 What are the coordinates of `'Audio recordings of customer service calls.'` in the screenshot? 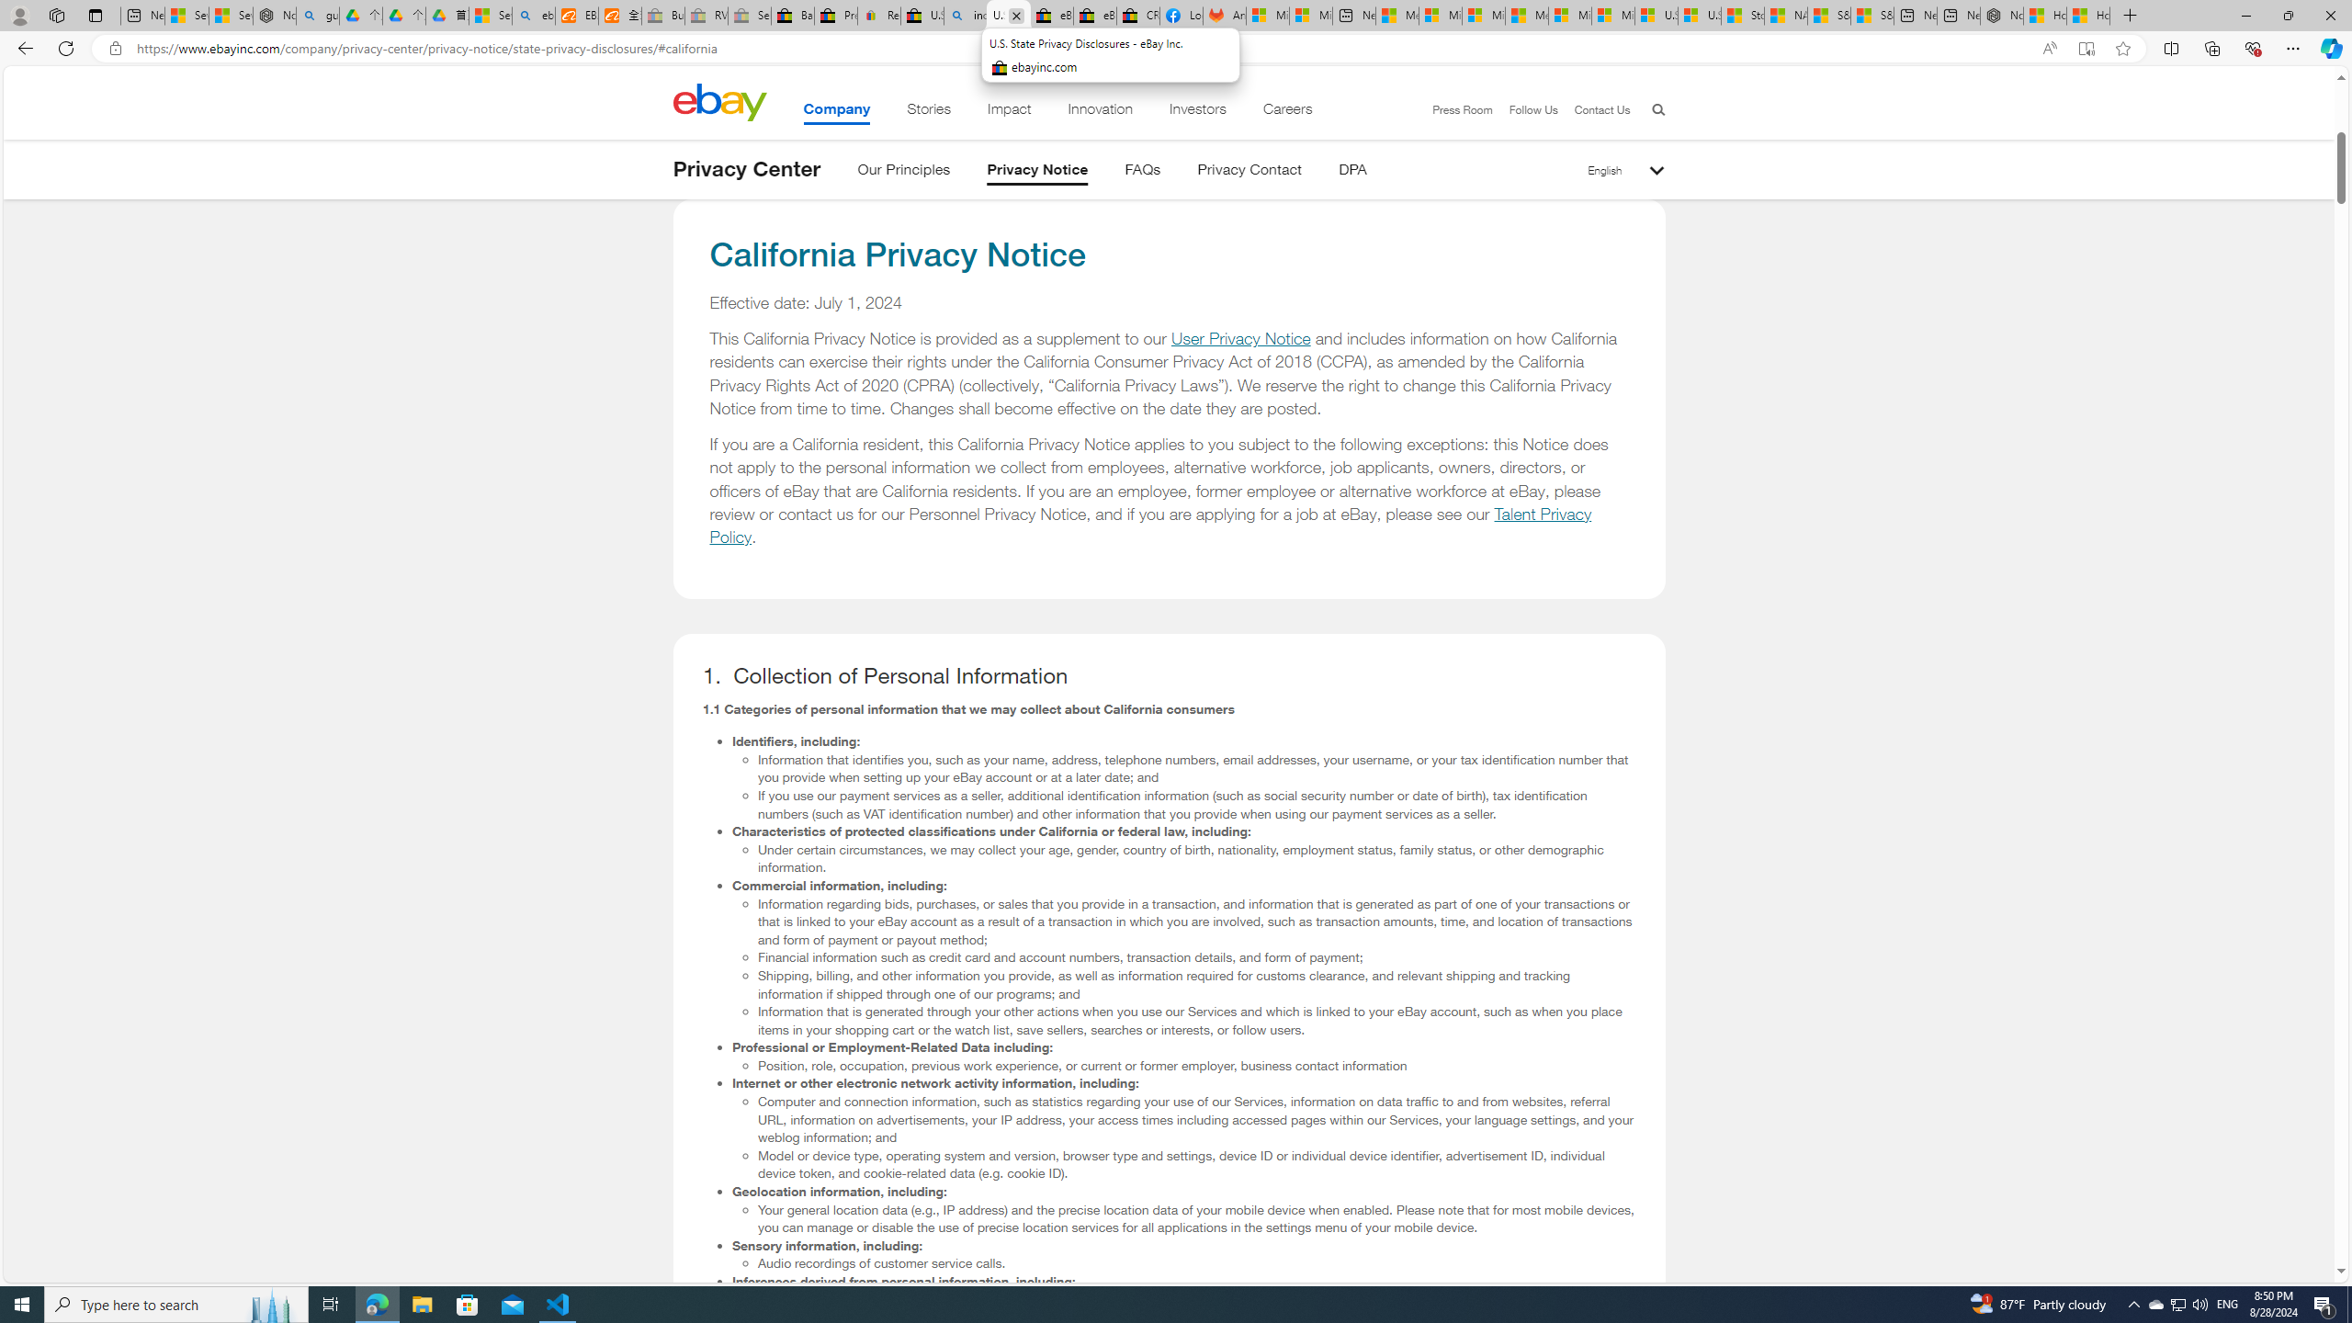 It's located at (1197, 1262).